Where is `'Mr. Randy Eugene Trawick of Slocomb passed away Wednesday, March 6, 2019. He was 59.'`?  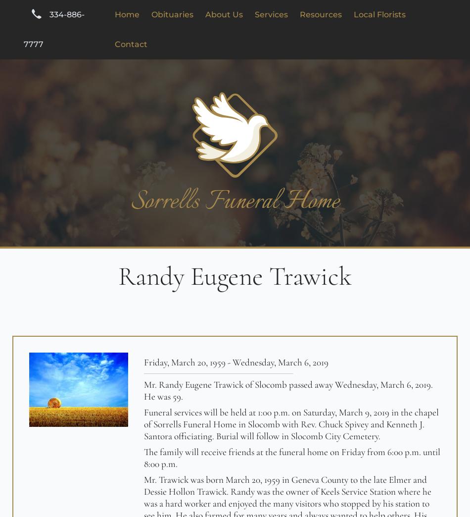 'Mr. Randy Eugene Trawick of Slocomb passed away Wednesday, March 6, 2019. He was 59.' is located at coordinates (288, 390).